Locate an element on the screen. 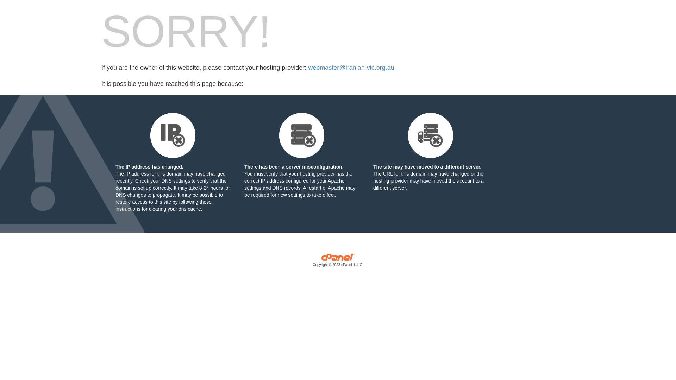 This screenshot has height=380, width=676. 'webmaster@iranian-vic.org.au' is located at coordinates (351, 68).